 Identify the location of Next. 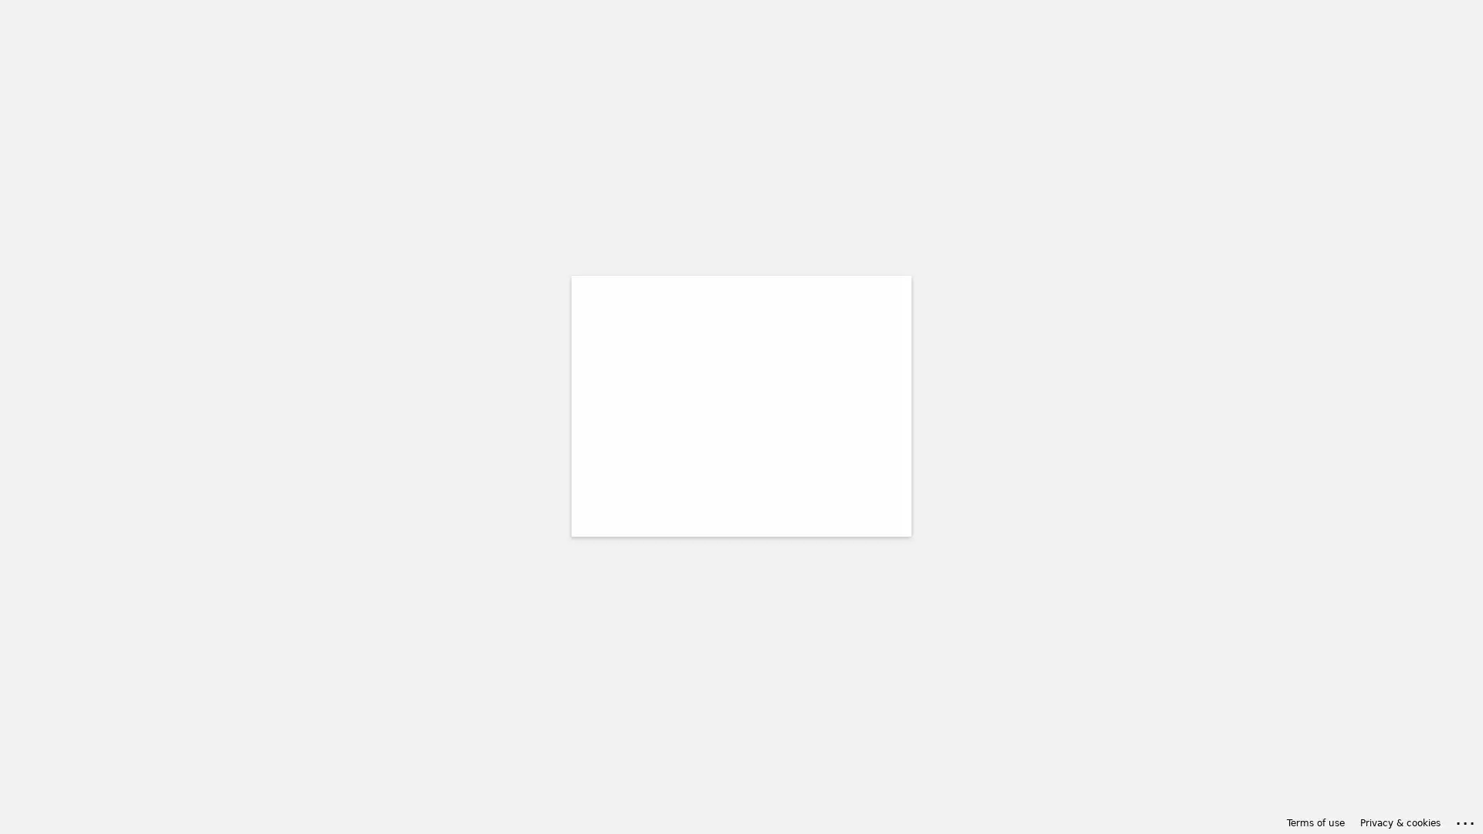
(834, 466).